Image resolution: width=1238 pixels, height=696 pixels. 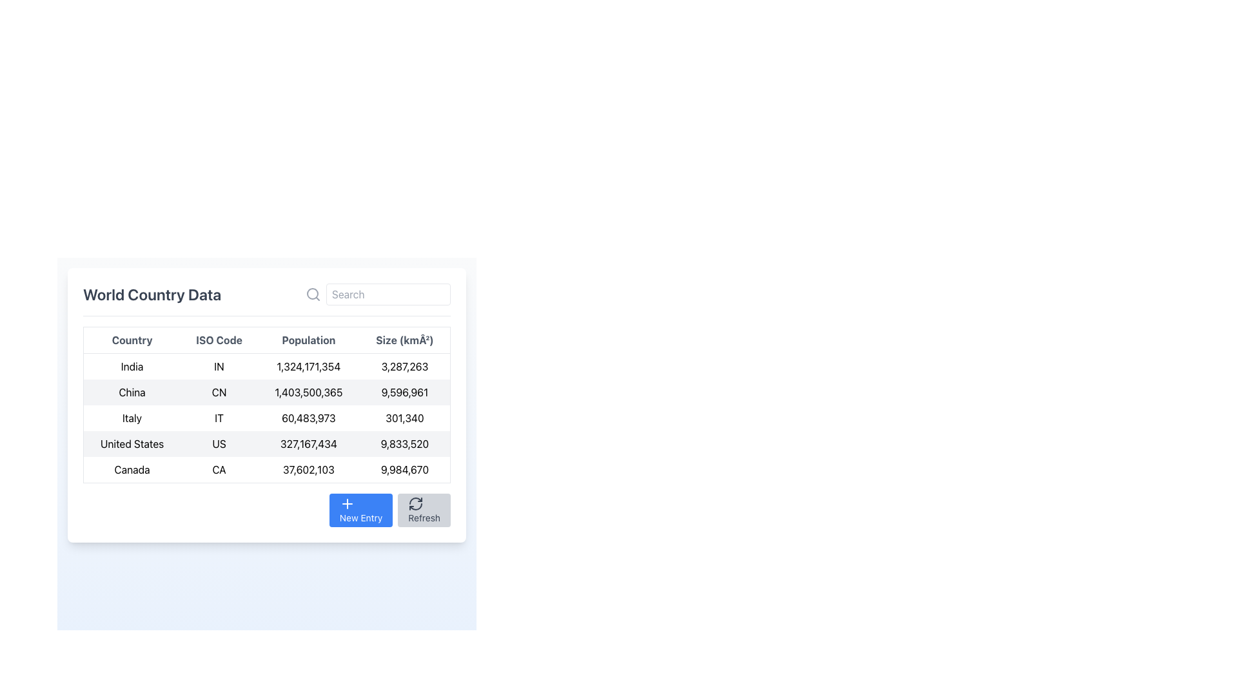 I want to click on the first row in the 'World Country Data' table, which contains the entries 'India', 'IN', '1,324,171,354', and '3,287,263', so click(x=266, y=366).